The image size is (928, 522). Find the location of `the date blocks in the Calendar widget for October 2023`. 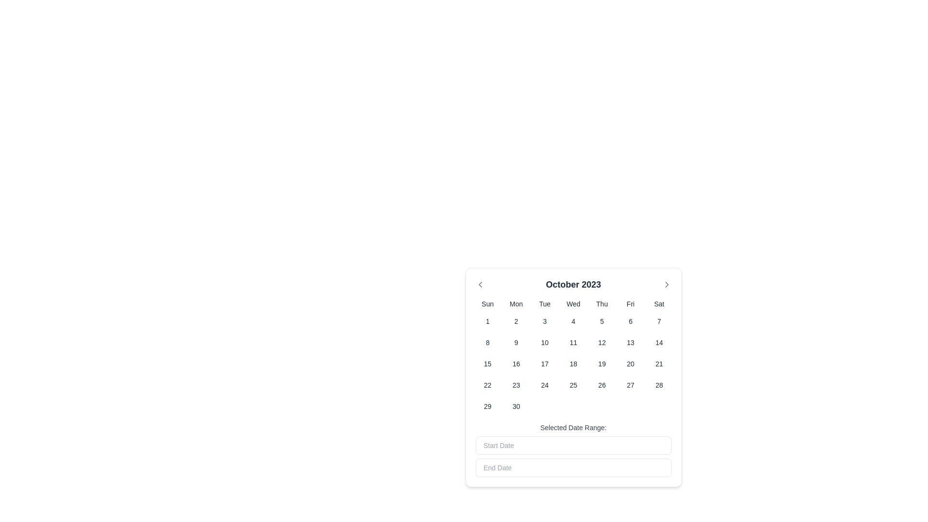

the date blocks in the Calendar widget for October 2023 is located at coordinates (573, 381).